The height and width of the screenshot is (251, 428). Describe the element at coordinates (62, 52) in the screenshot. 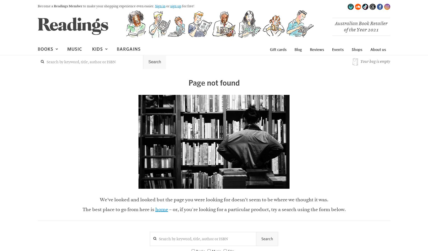

I see `'Readings'` at that location.